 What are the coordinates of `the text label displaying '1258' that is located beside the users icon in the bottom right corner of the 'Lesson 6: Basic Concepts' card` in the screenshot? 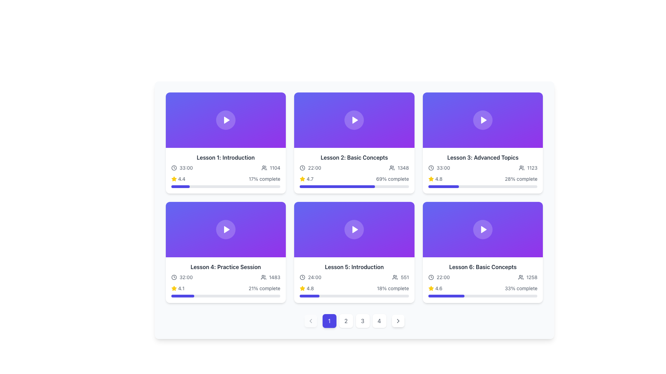 It's located at (531, 277).